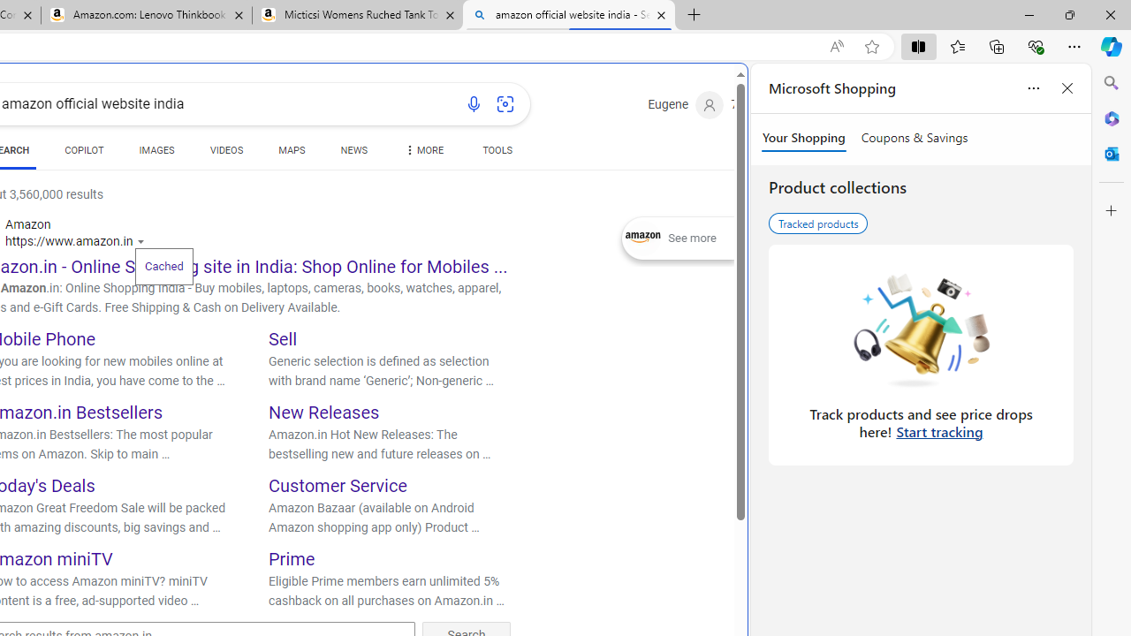  What do you see at coordinates (497, 150) in the screenshot?
I see `'TOOLS'` at bounding box center [497, 150].